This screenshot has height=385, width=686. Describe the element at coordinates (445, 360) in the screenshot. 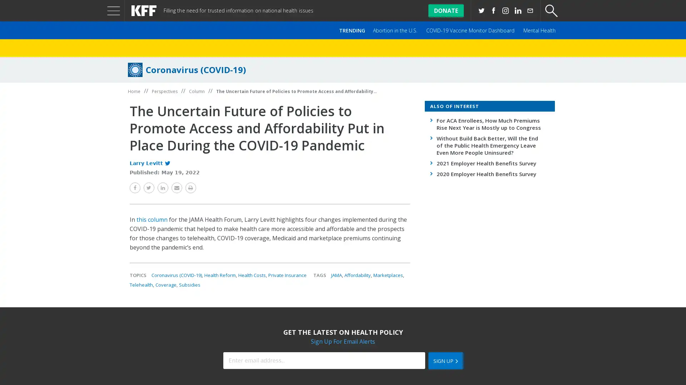

I see `SIGN UP` at that location.